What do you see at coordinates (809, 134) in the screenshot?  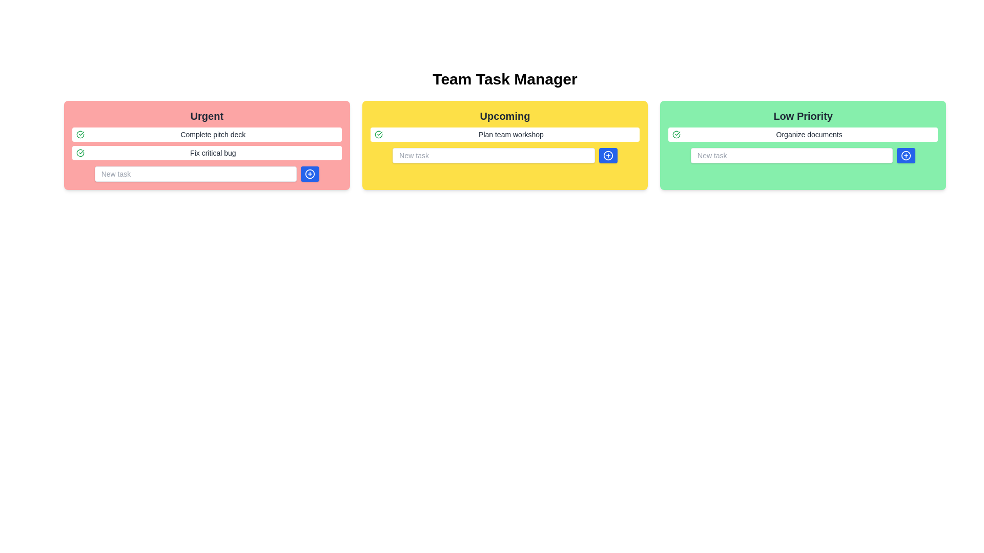 I see `text of the 'Organize documents' label located in the 'Low Priority' green column above the new task input field` at bounding box center [809, 134].